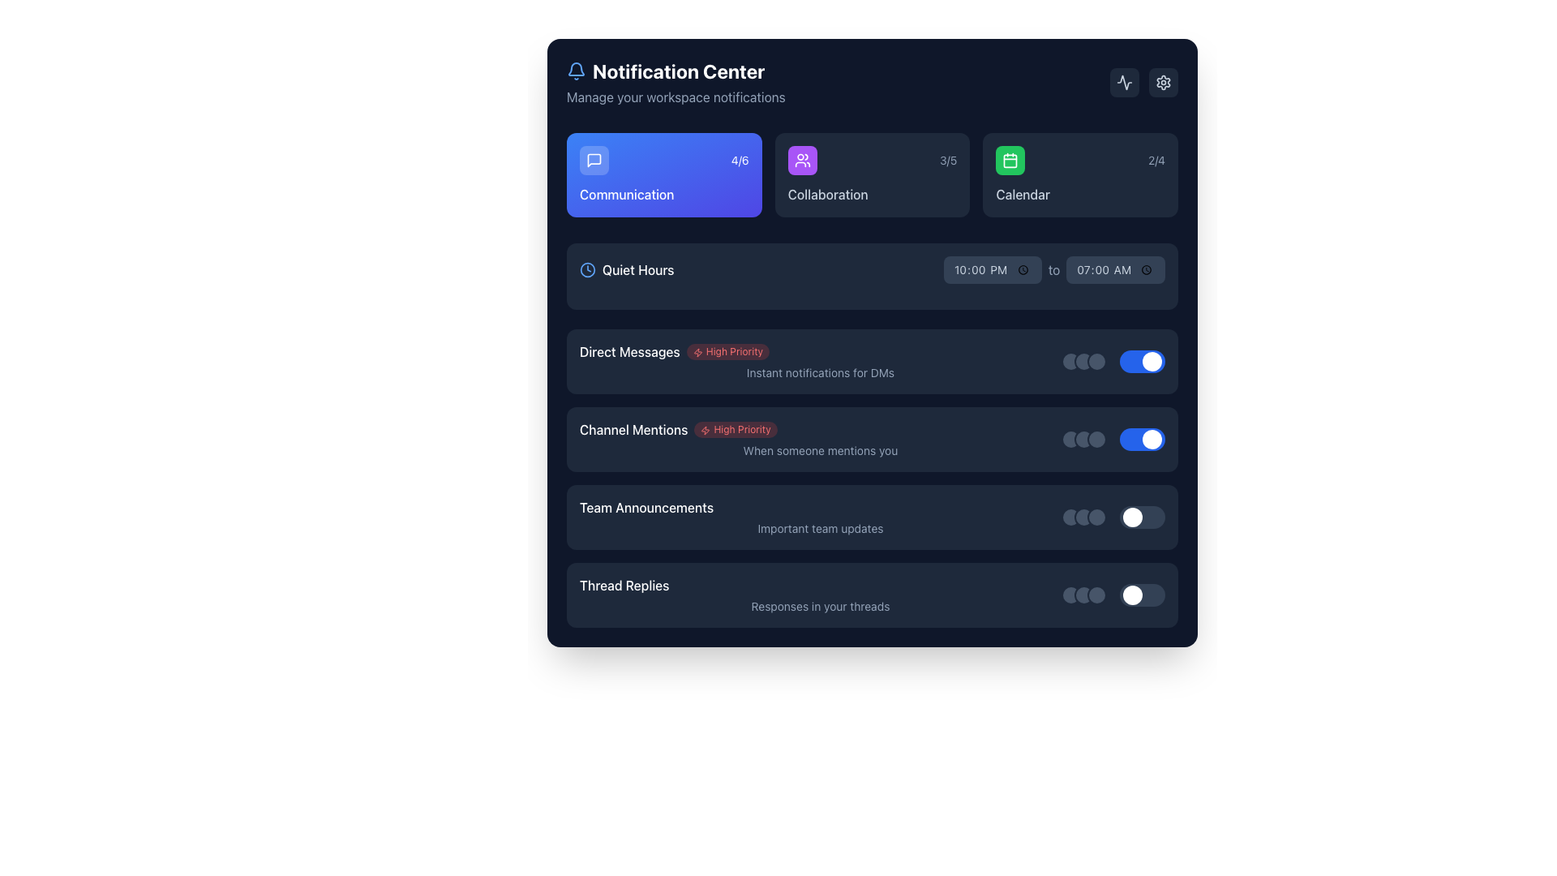 The height and width of the screenshot is (876, 1557). Describe the element at coordinates (871, 595) in the screenshot. I see `the toggle switch of the Notification setting control labeled 'Thread Replies'` at that location.